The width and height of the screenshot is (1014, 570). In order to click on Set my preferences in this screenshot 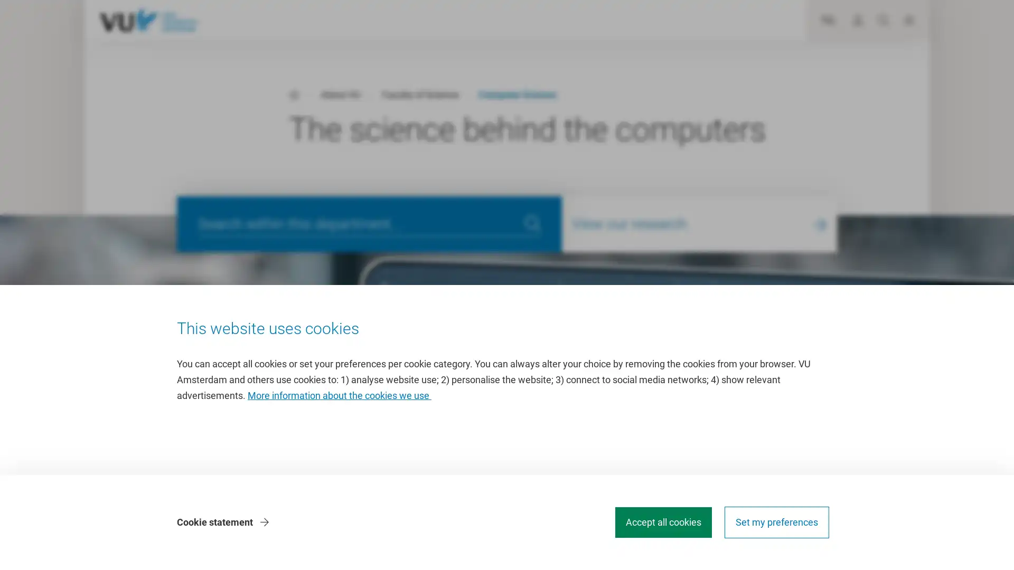, I will do `click(776, 522)`.